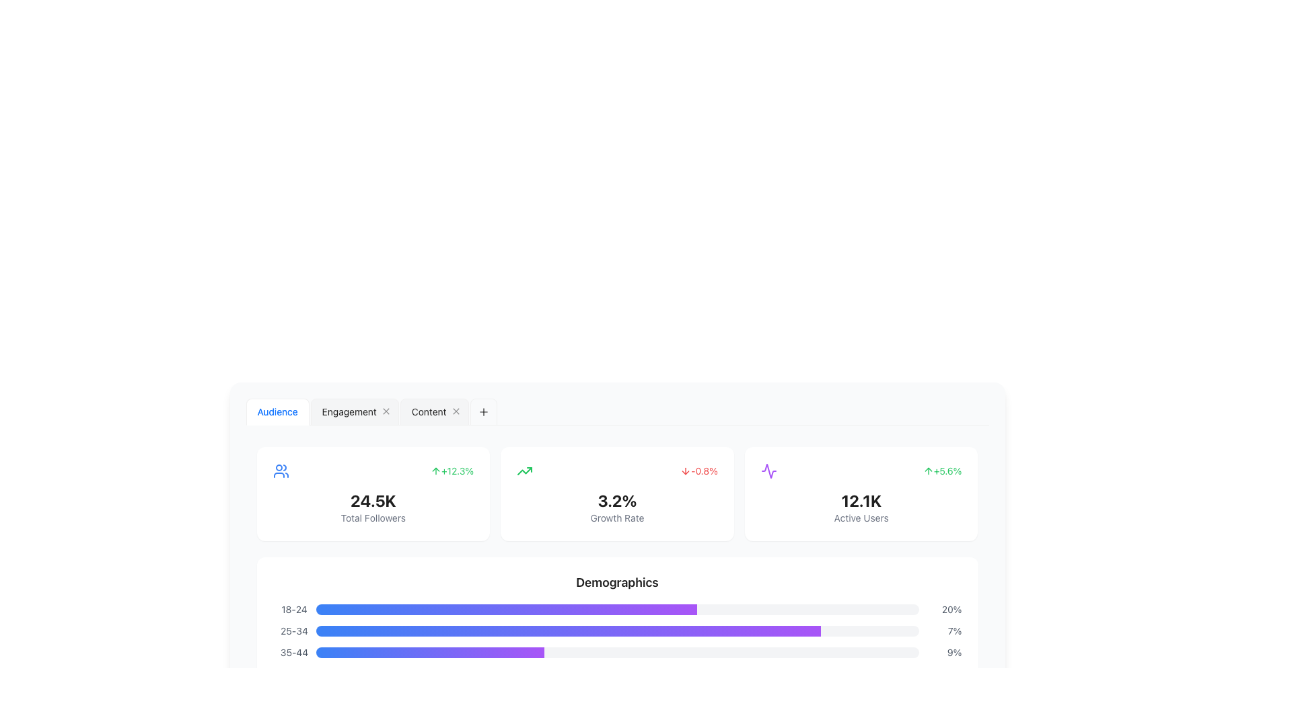 This screenshot has width=1292, height=726. What do you see at coordinates (429, 652) in the screenshot?
I see `the third progress bar indicating the age group '35-44' demographic, which is located beneath the section titled 'Demographics'` at bounding box center [429, 652].